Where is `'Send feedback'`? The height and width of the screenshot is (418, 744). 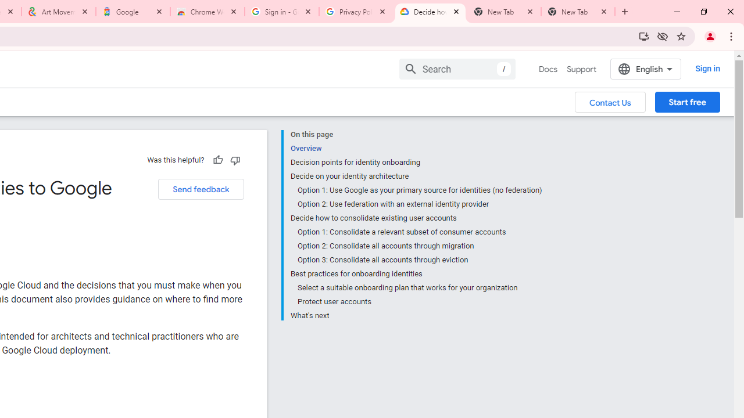
'Send feedback' is located at coordinates (201, 189).